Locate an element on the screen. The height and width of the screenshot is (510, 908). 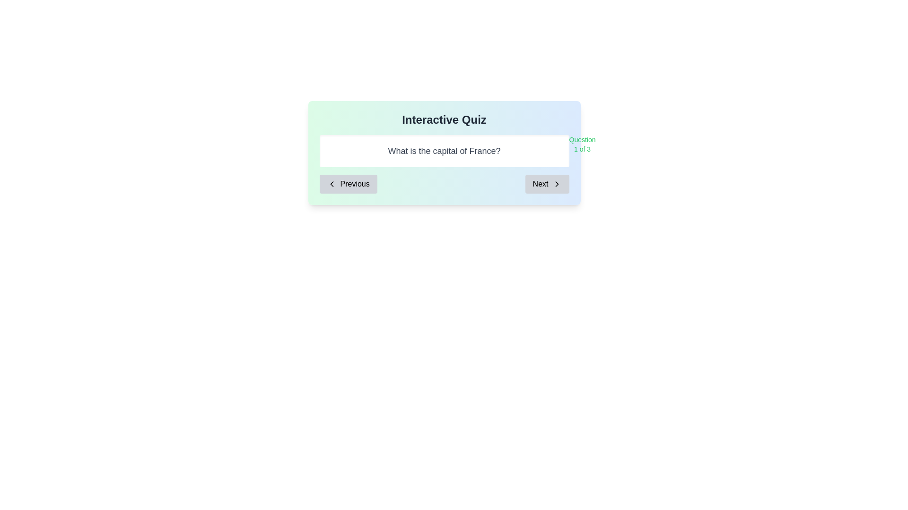
the button labeled 'Next' is located at coordinates (557, 184).